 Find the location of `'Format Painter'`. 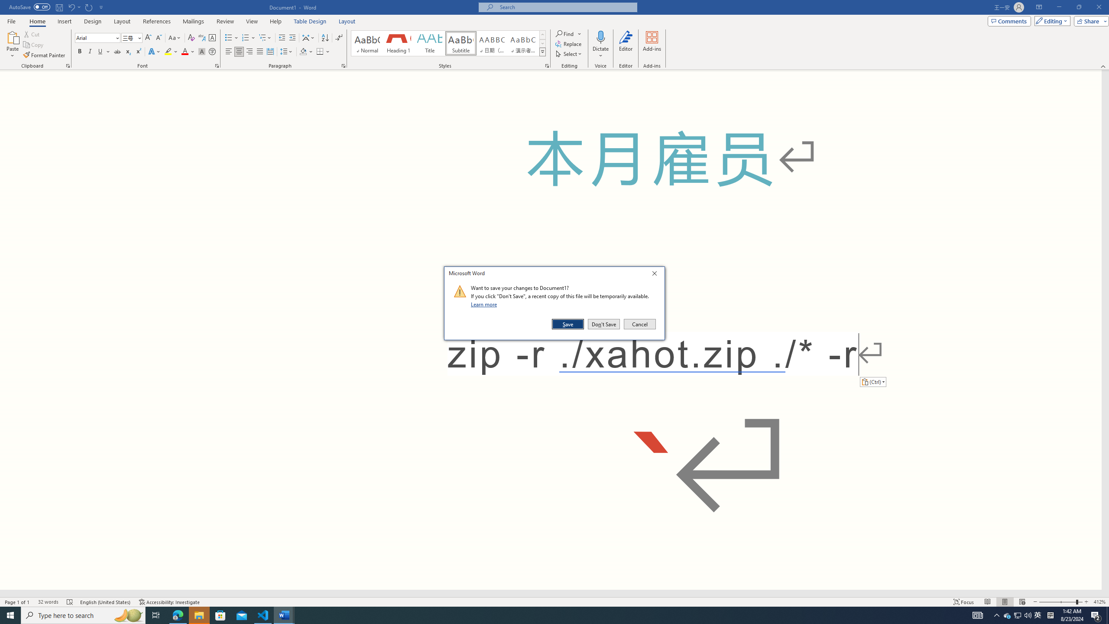

'Format Painter' is located at coordinates (44, 55).